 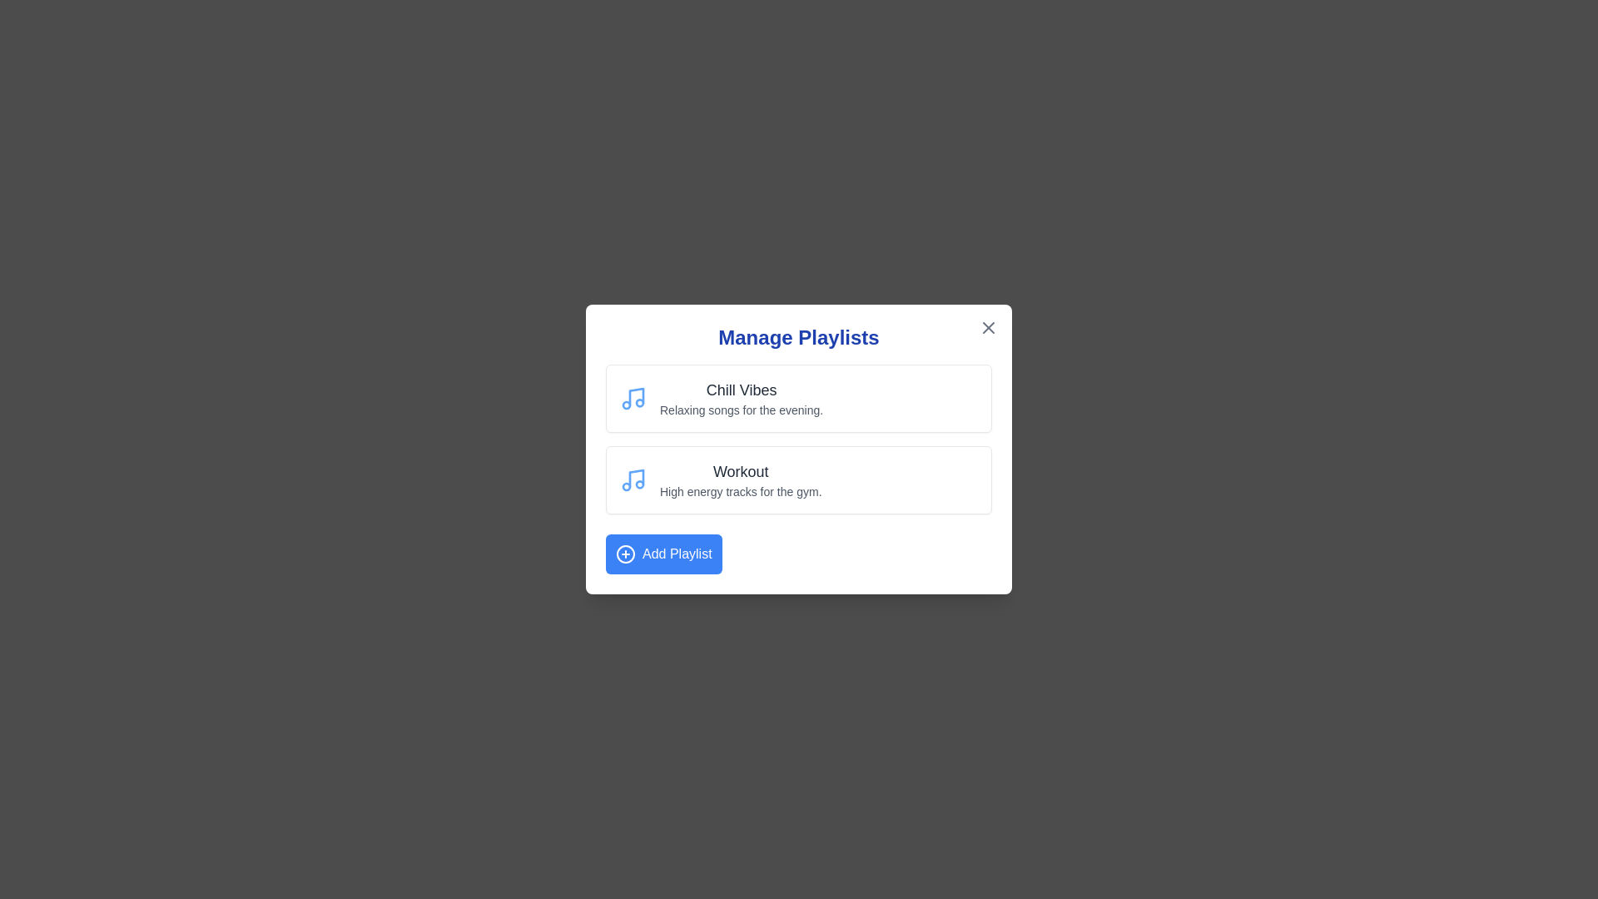 What do you see at coordinates (740, 472) in the screenshot?
I see `the title text label of the second playlist, which is located below the 'Chill Vibes' label and above the descriptive text 'High energy tracks for the gym.'` at bounding box center [740, 472].